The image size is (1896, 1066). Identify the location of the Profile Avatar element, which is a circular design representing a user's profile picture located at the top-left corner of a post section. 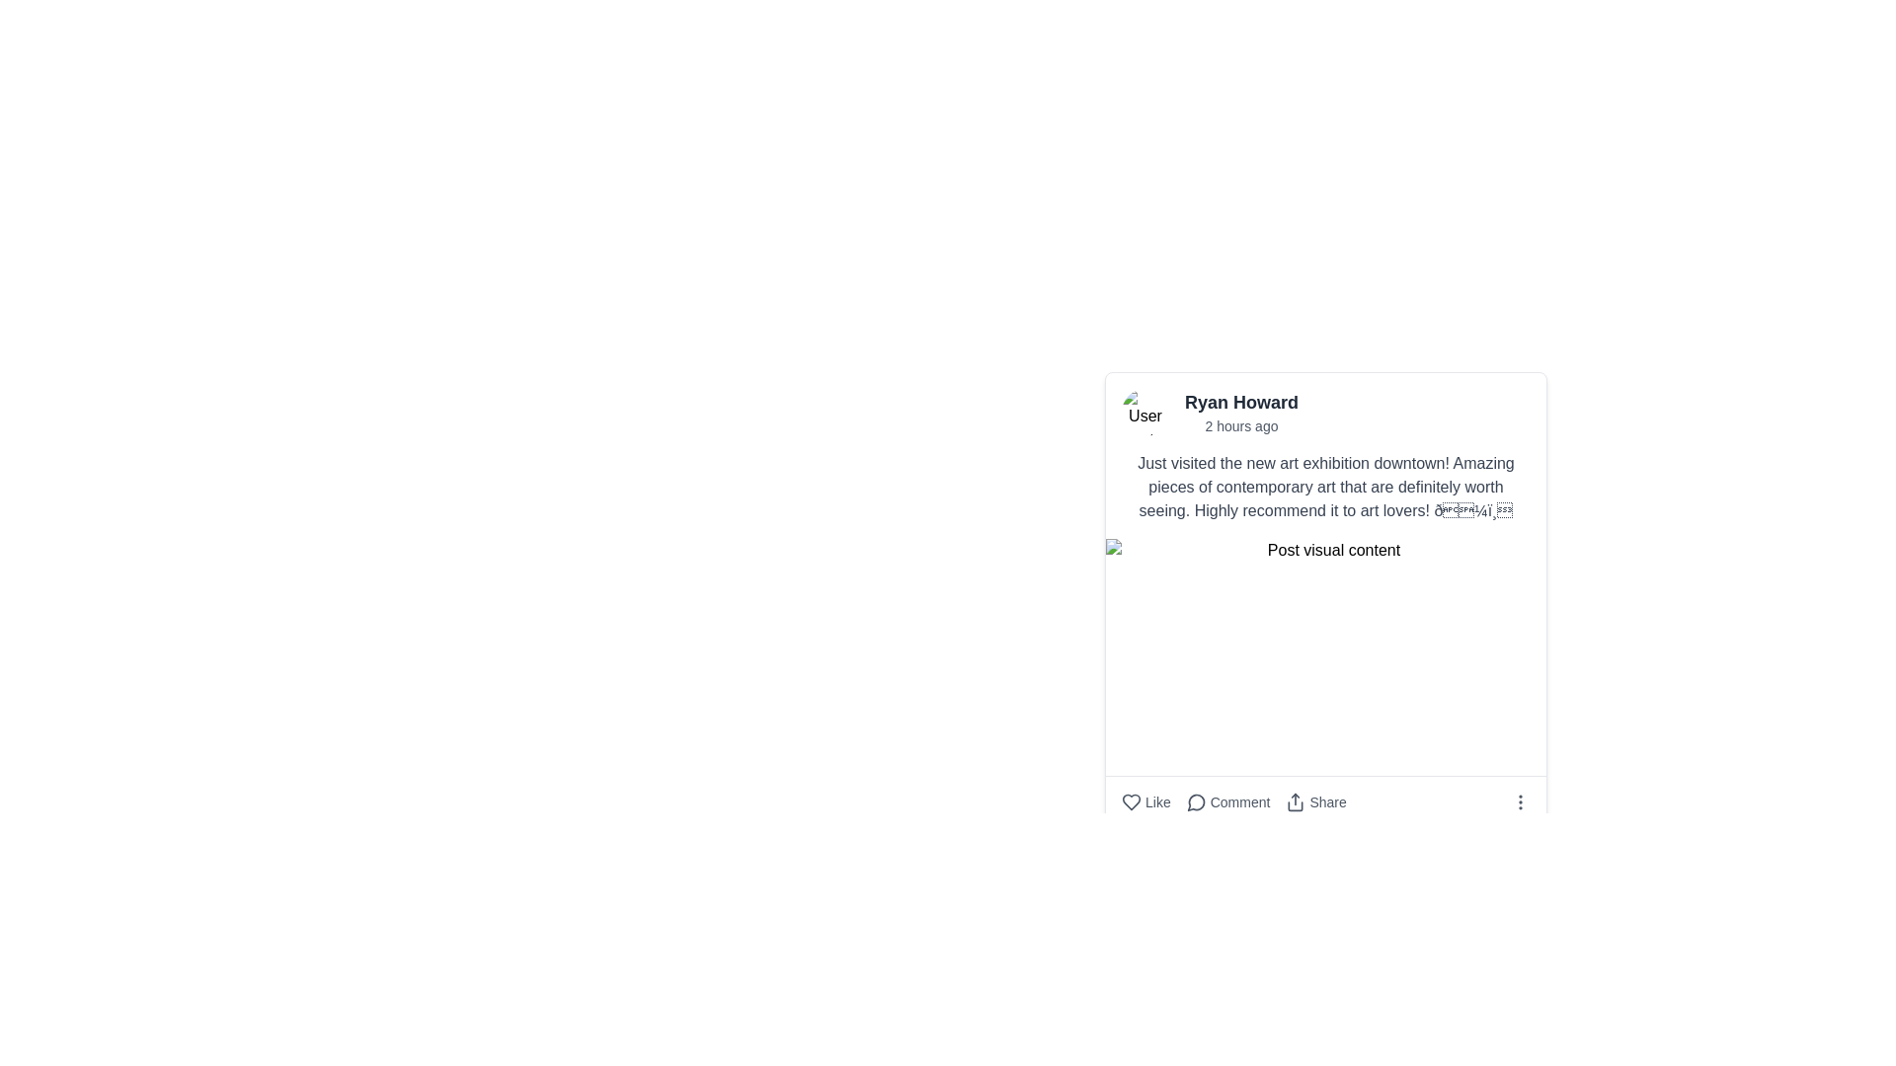
(1145, 411).